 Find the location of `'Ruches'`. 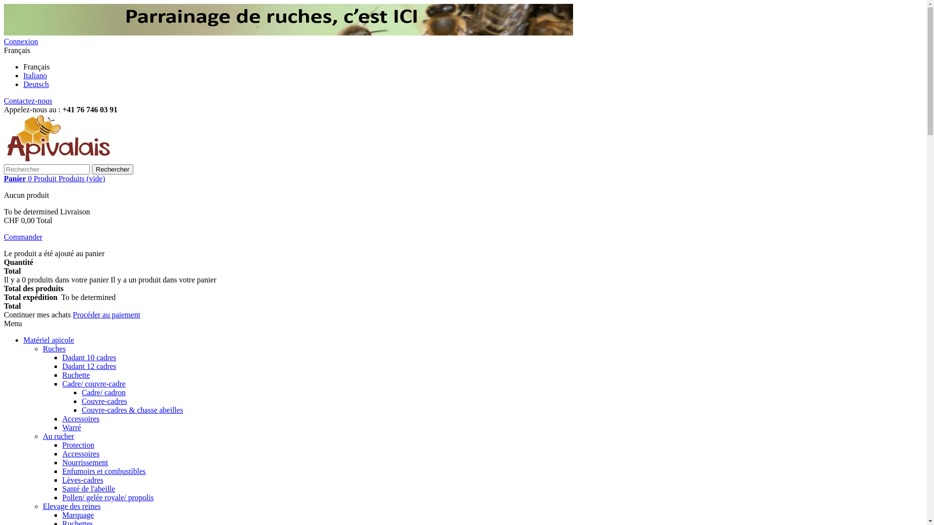

'Ruches' is located at coordinates (54, 348).